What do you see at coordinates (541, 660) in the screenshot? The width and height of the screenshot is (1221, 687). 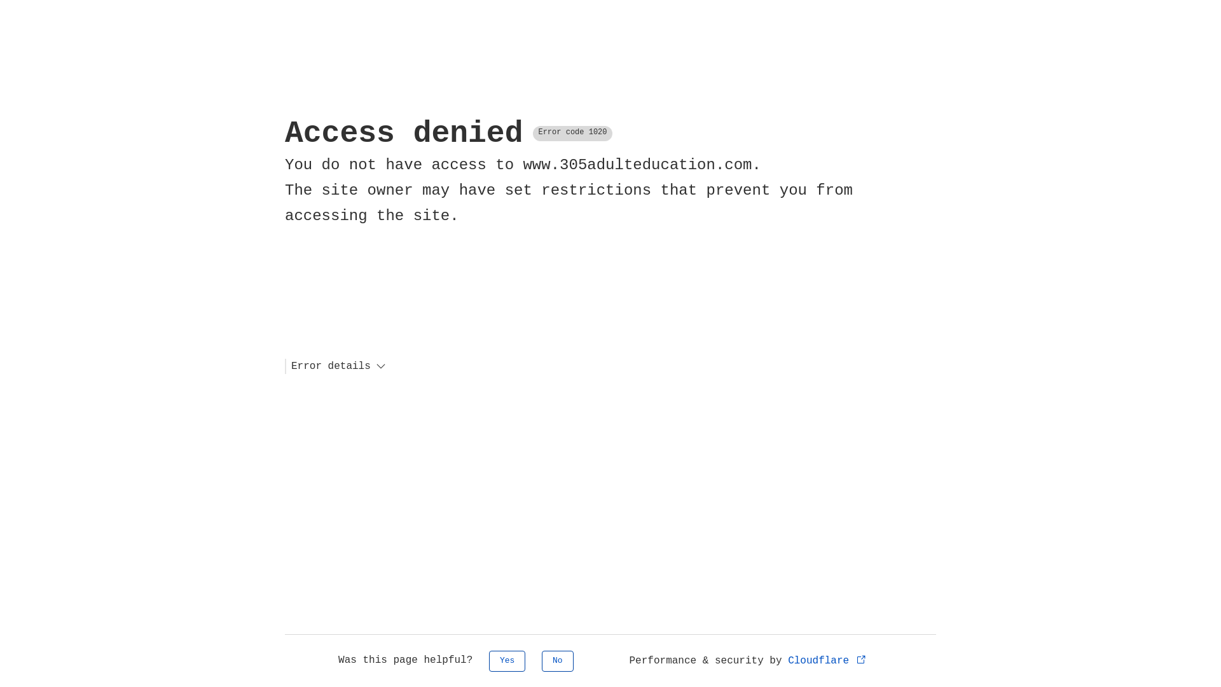 I see `'No'` at bounding box center [541, 660].